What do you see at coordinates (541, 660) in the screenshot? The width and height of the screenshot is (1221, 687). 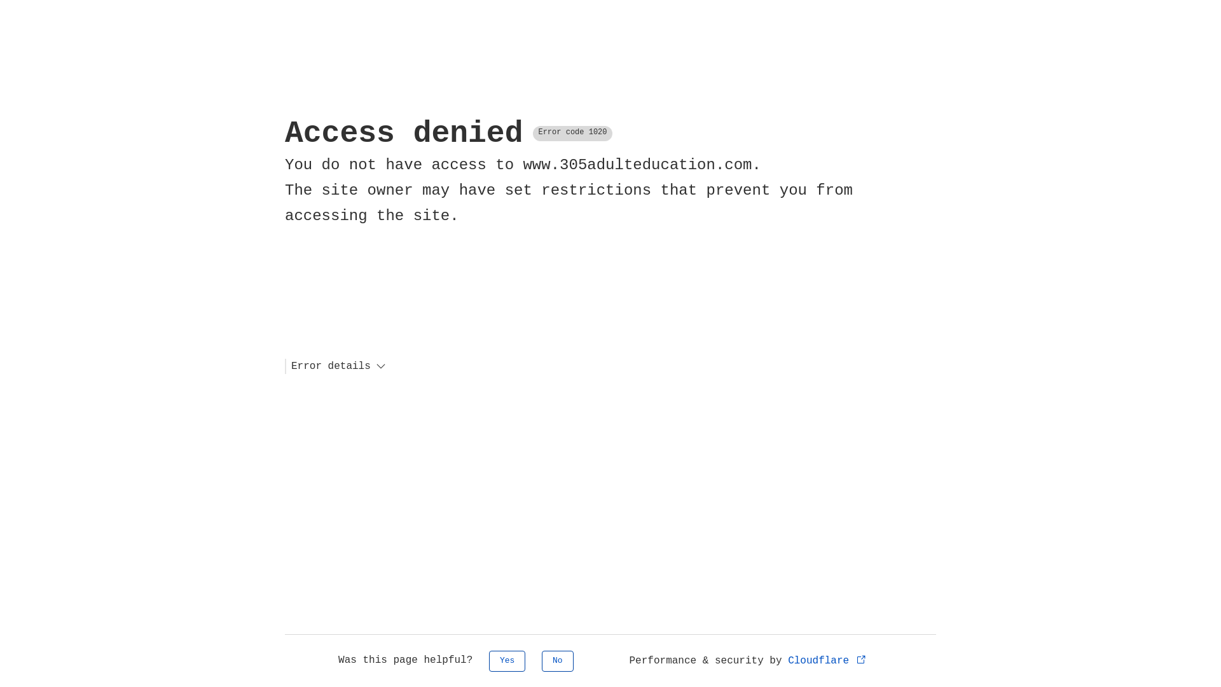 I see `'No'` at bounding box center [541, 660].